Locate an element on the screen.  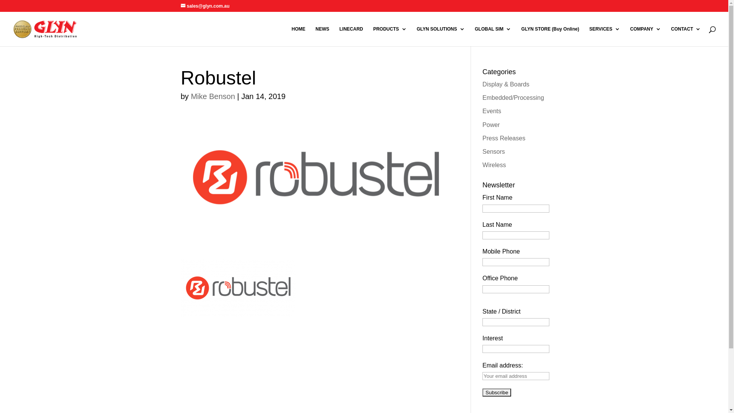
'COMPANY' is located at coordinates (645, 36).